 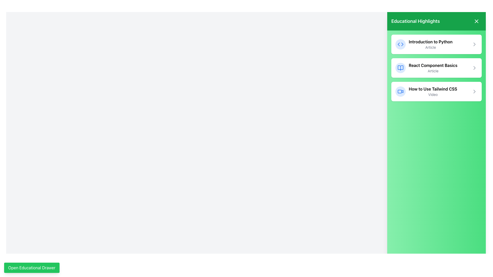 What do you see at coordinates (400, 44) in the screenshot?
I see `the circular icon with a light blue background featuring blue-colored angled lines resembling code brackets, located within the 'Introduction to Python' card in the right-side panel` at bounding box center [400, 44].